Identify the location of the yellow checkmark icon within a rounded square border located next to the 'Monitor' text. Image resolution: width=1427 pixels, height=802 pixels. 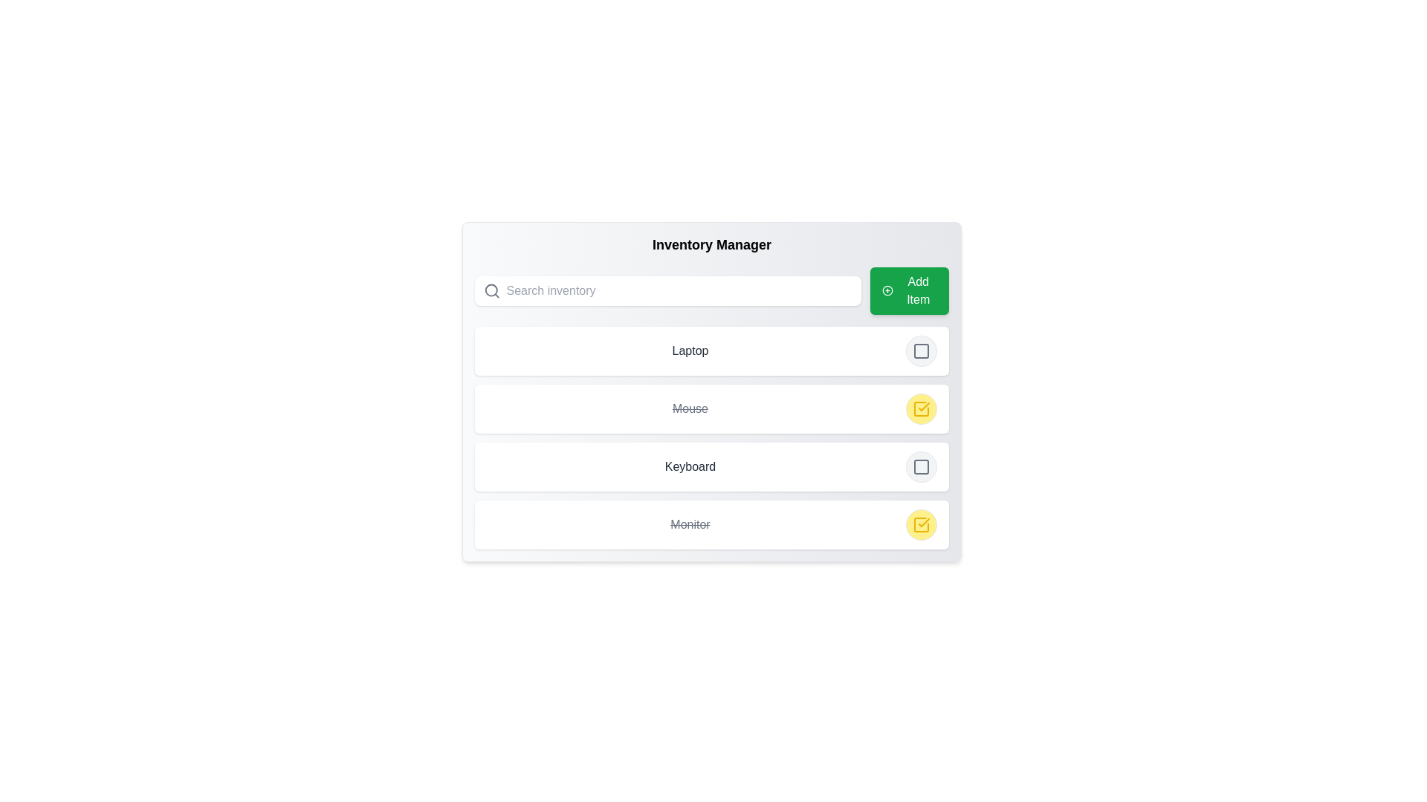
(920, 409).